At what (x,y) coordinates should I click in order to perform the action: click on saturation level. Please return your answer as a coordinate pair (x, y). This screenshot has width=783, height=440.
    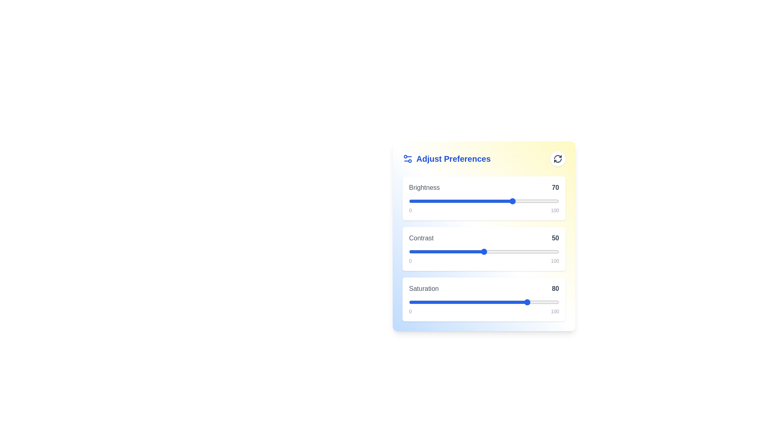
    Looking at the image, I should click on (416, 302).